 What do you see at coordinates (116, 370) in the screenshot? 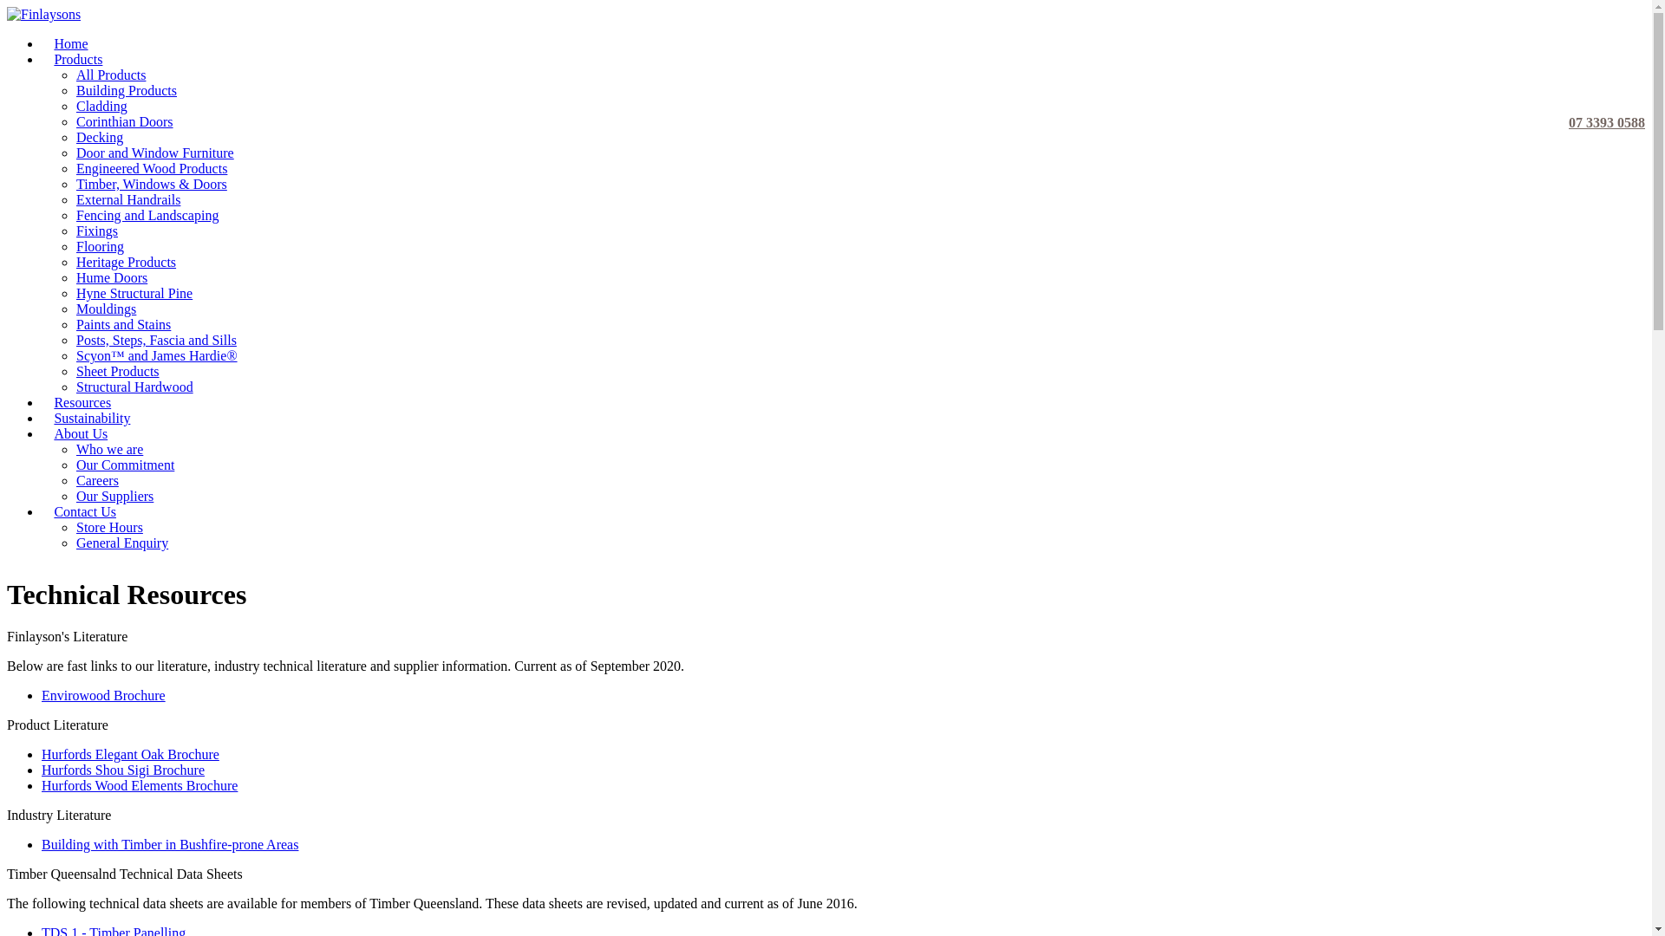
I see `'Sheet Products'` at bounding box center [116, 370].